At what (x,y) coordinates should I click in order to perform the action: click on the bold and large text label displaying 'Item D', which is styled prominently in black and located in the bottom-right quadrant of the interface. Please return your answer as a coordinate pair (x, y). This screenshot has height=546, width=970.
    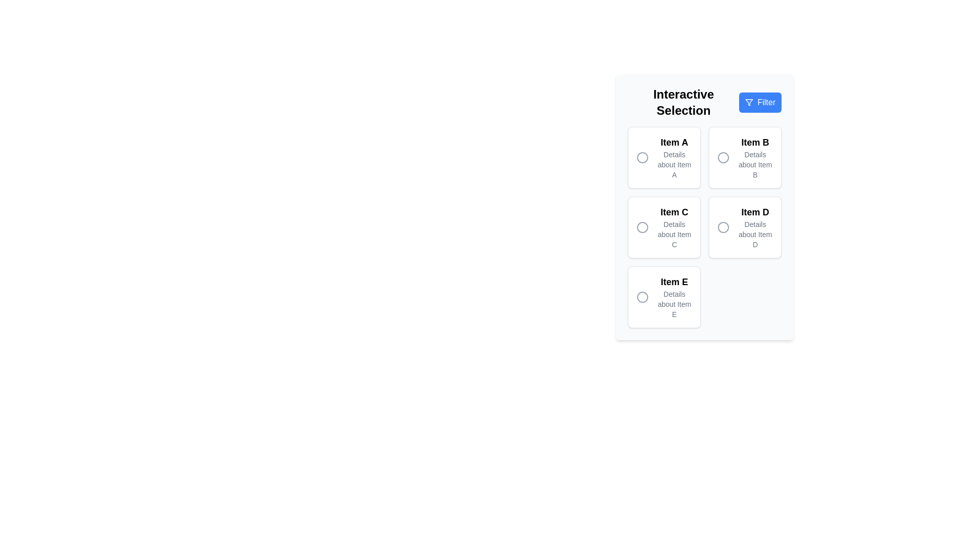
    Looking at the image, I should click on (755, 212).